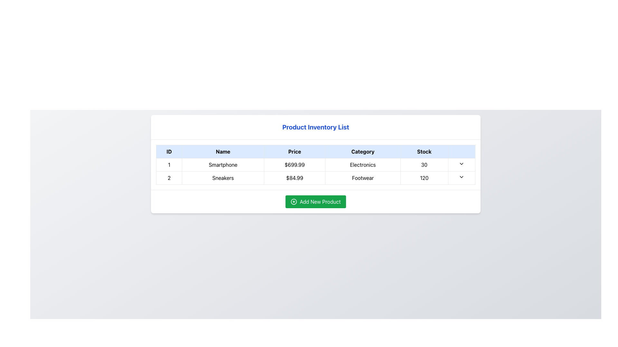 The height and width of the screenshot is (347, 618). I want to click on the 'Stock' column header text label located in the fifth column of the table header, positioned towards the right side of the table, so click(424, 151).